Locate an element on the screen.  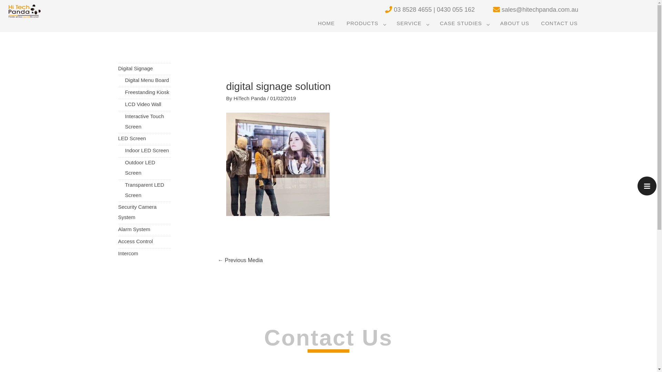
'Digital Menu Board' is located at coordinates (147, 80).